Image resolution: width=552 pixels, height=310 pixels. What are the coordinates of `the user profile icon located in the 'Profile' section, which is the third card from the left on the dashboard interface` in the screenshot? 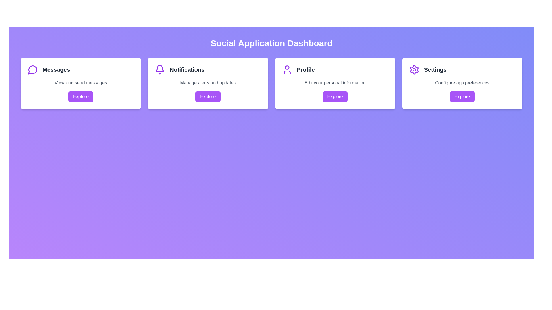 It's located at (287, 69).